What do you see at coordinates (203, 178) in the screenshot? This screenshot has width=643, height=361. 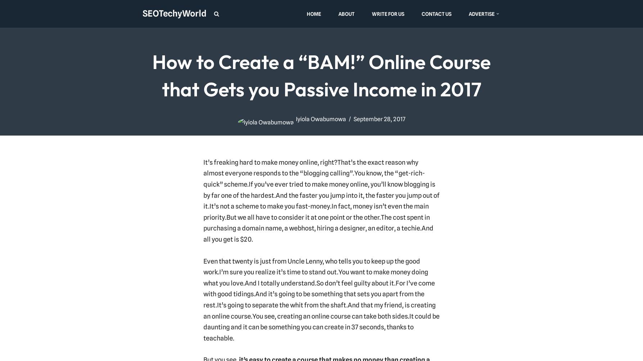 I see `'You know, the “get-rich-quick” scheme.'` at bounding box center [203, 178].